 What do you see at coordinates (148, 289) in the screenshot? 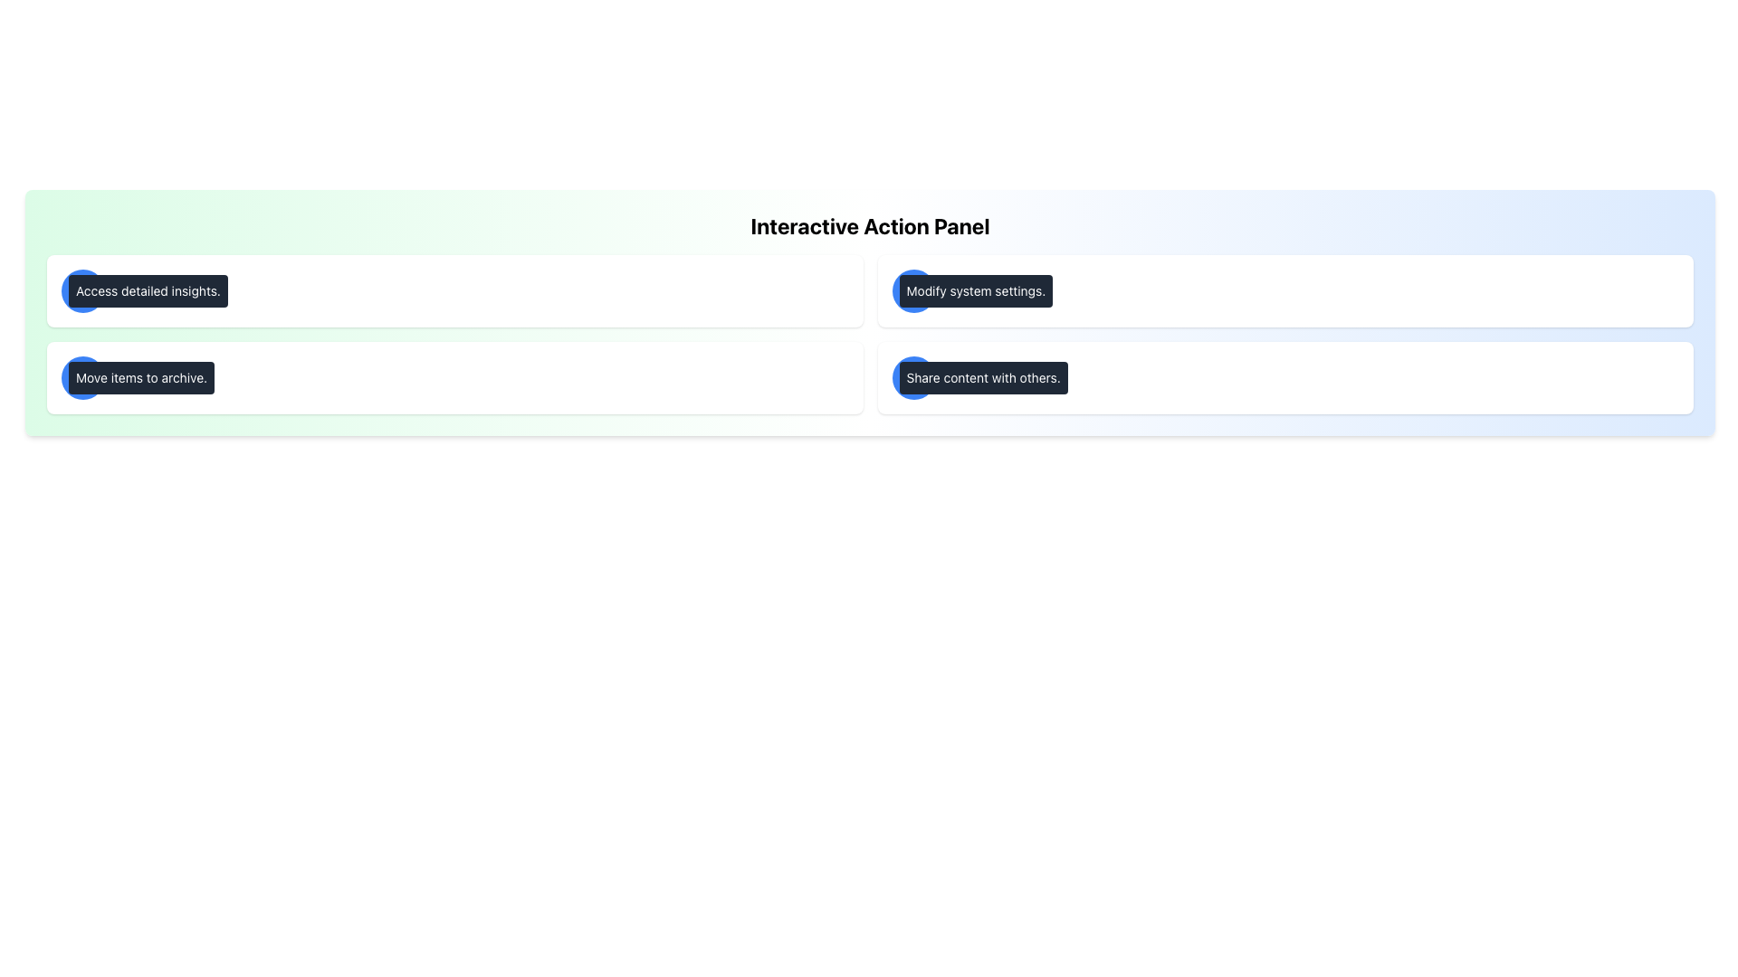
I see `the non-interactive button-like component located within the larger white card, positioned to the right of a circular blue icon` at bounding box center [148, 289].